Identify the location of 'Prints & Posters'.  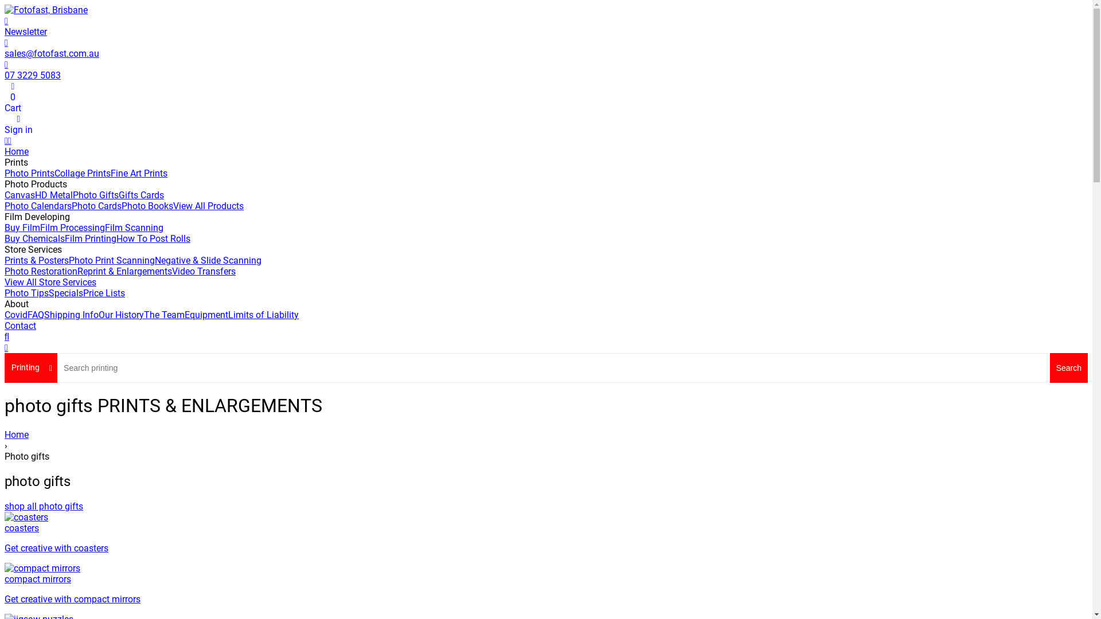
(5, 260).